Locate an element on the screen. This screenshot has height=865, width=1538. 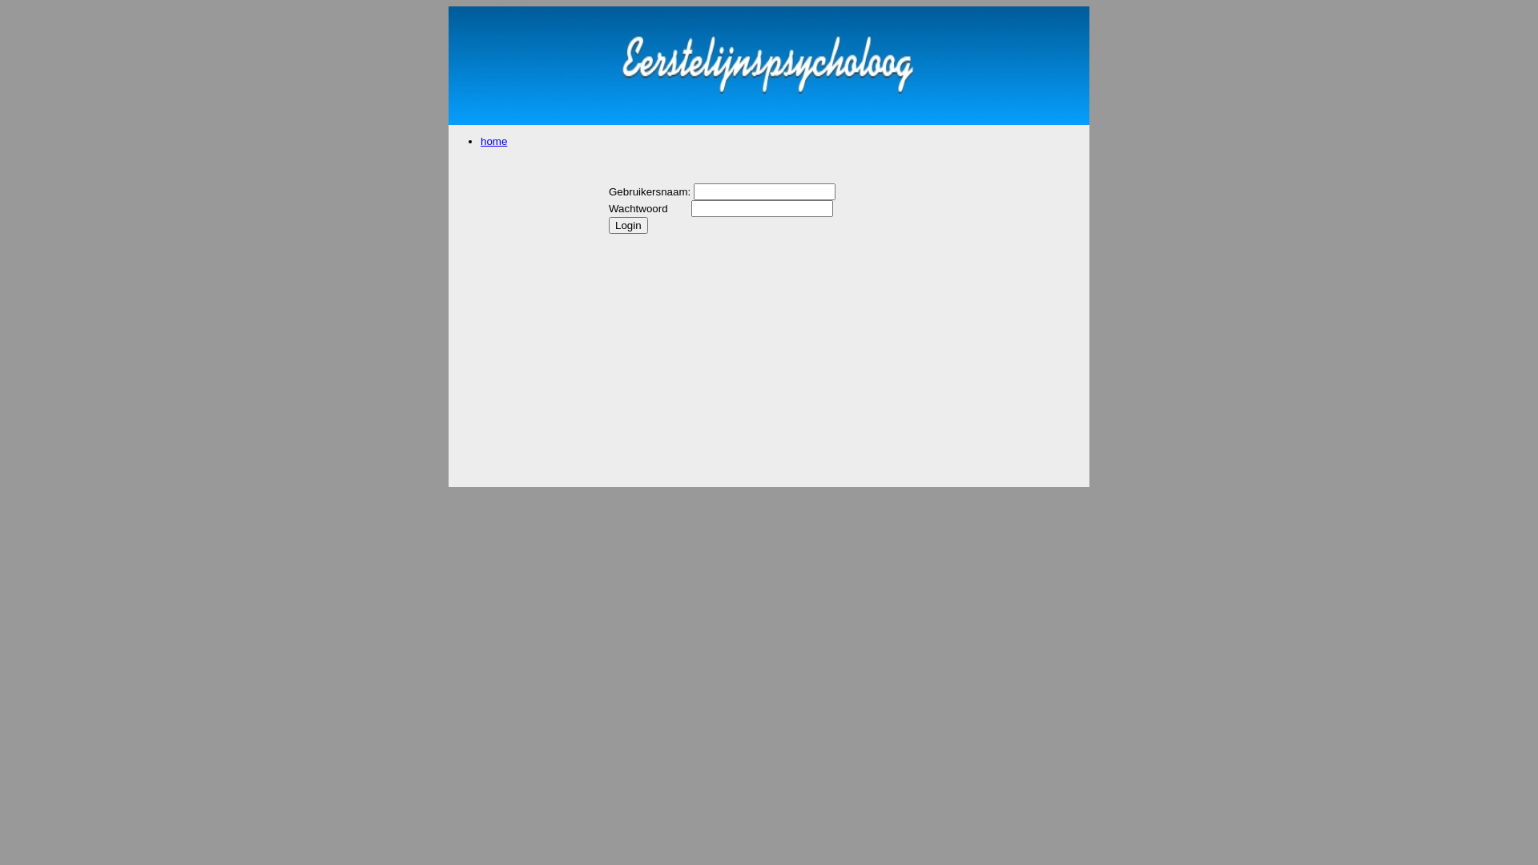
'home' is located at coordinates (493, 140).